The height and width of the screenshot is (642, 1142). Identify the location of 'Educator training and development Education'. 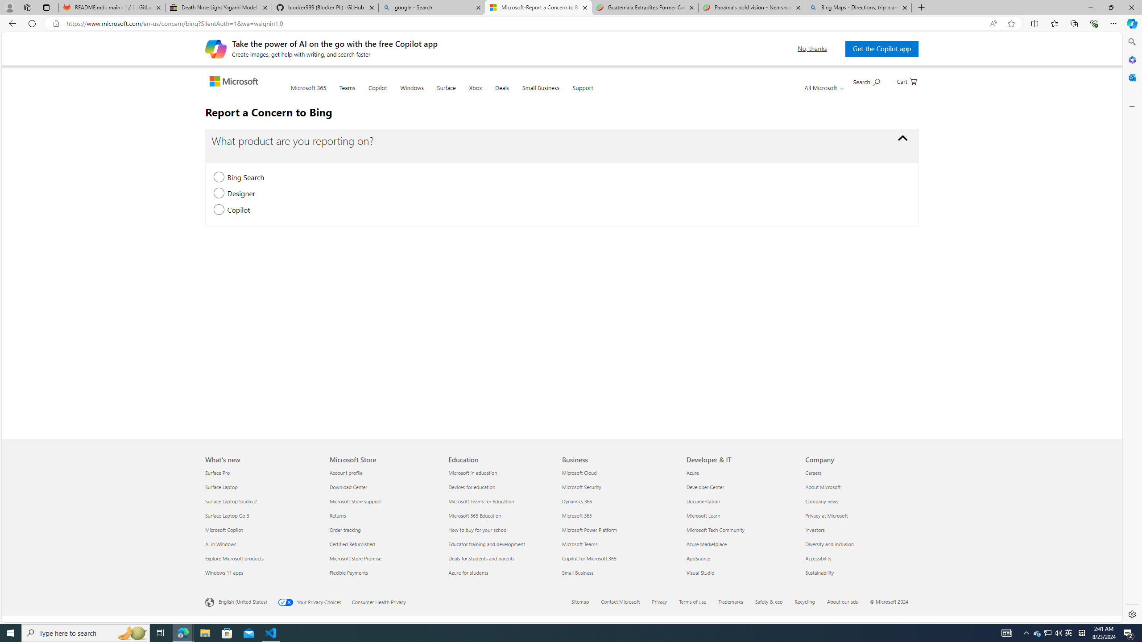
(487, 543).